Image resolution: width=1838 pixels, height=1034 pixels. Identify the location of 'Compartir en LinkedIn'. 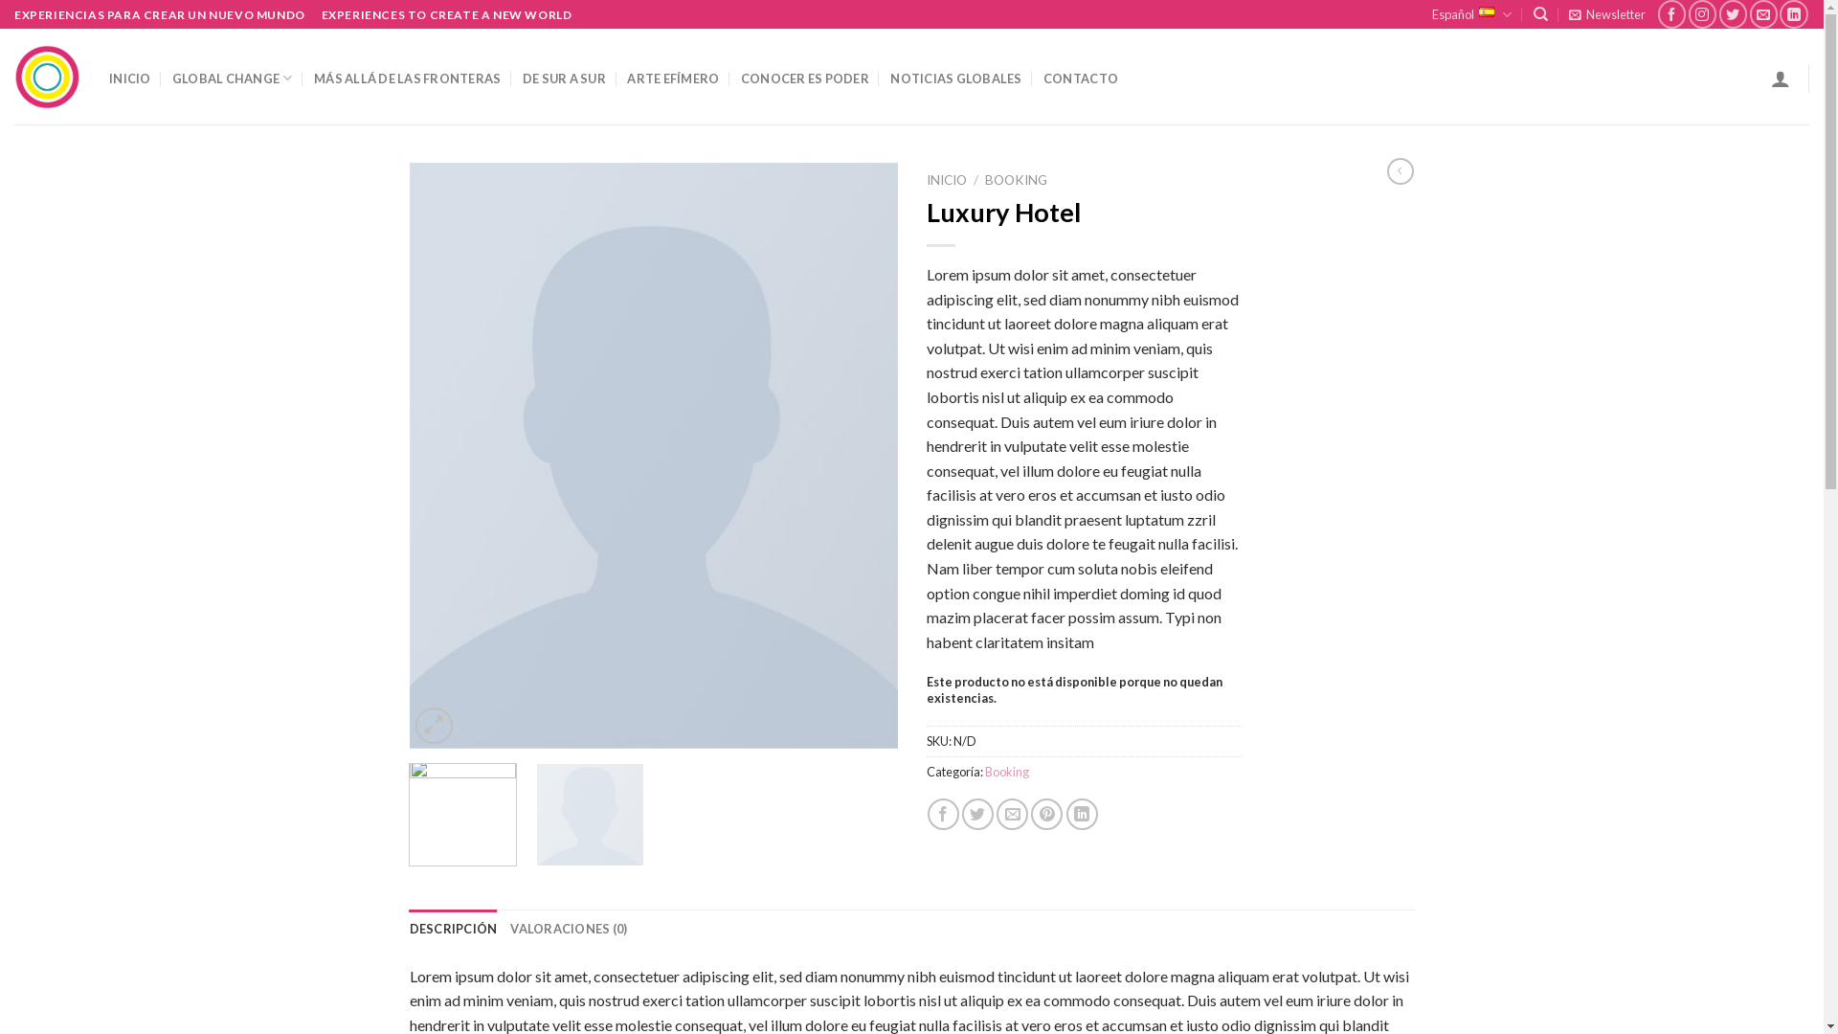
(1082, 814).